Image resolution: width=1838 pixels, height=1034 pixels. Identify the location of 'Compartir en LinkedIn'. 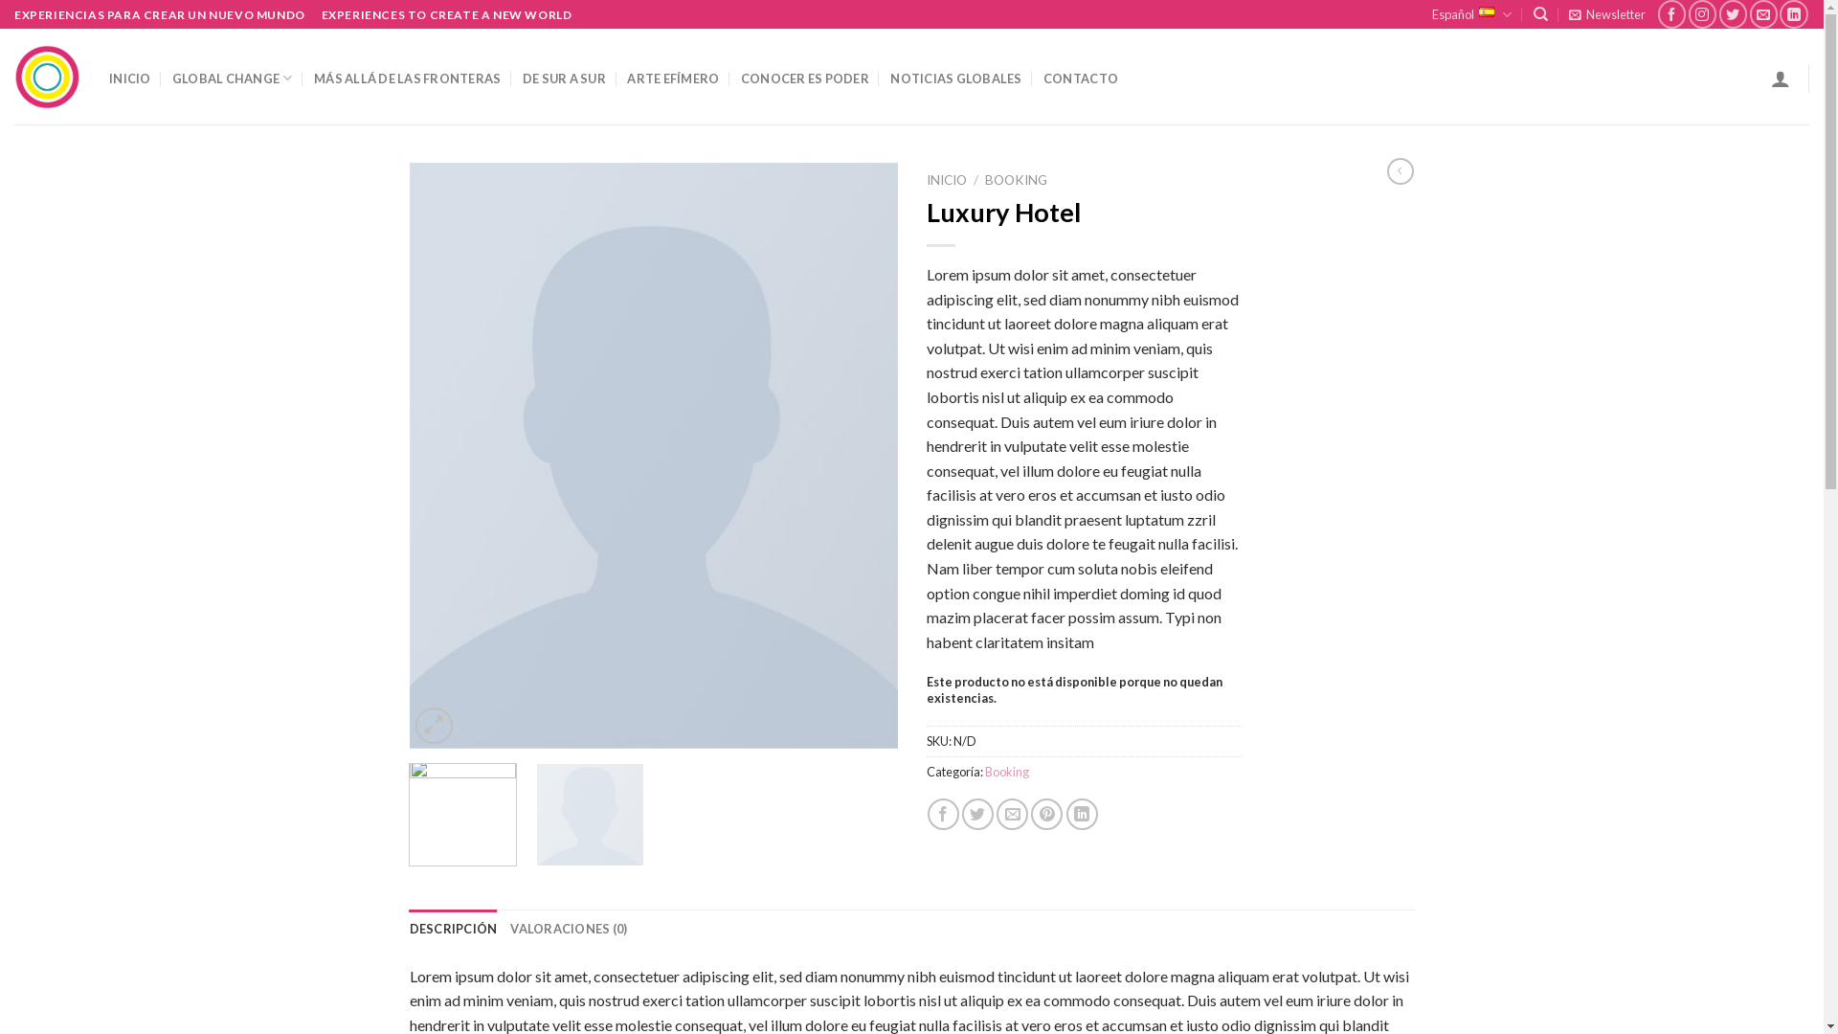
(1082, 814).